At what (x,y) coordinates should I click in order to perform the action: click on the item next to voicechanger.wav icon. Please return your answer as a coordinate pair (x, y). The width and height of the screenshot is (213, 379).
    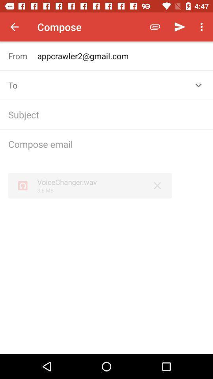
    Looking at the image, I should click on (157, 186).